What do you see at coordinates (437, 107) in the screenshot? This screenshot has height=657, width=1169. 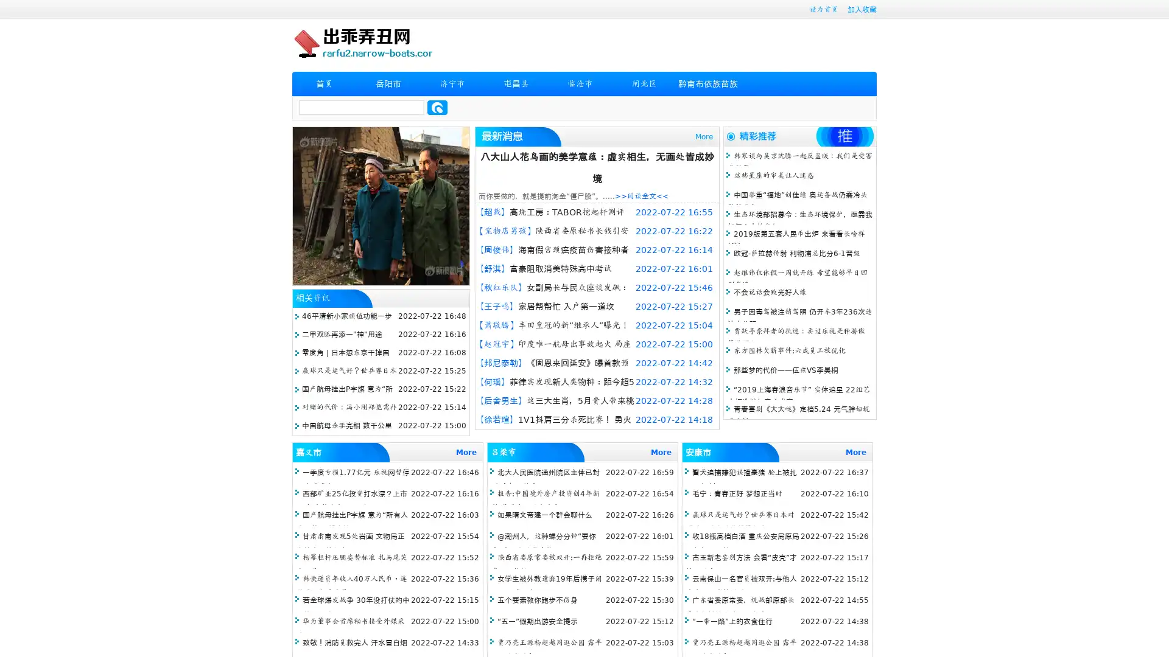 I see `Search` at bounding box center [437, 107].